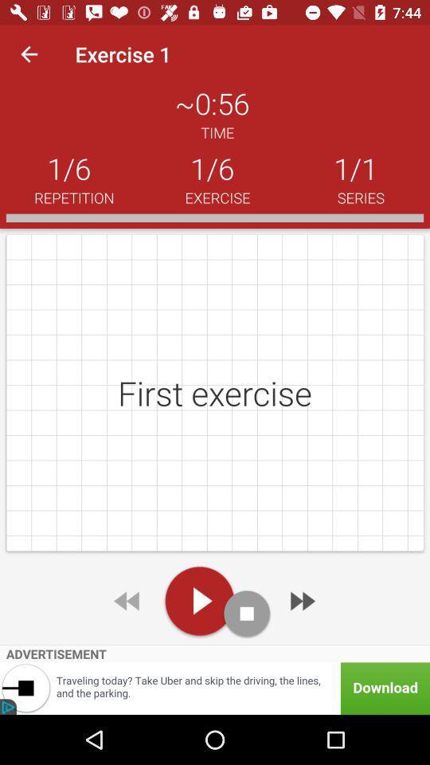 Image resolution: width=430 pixels, height=765 pixels. What do you see at coordinates (301, 600) in the screenshot?
I see `the forward arrow button` at bounding box center [301, 600].